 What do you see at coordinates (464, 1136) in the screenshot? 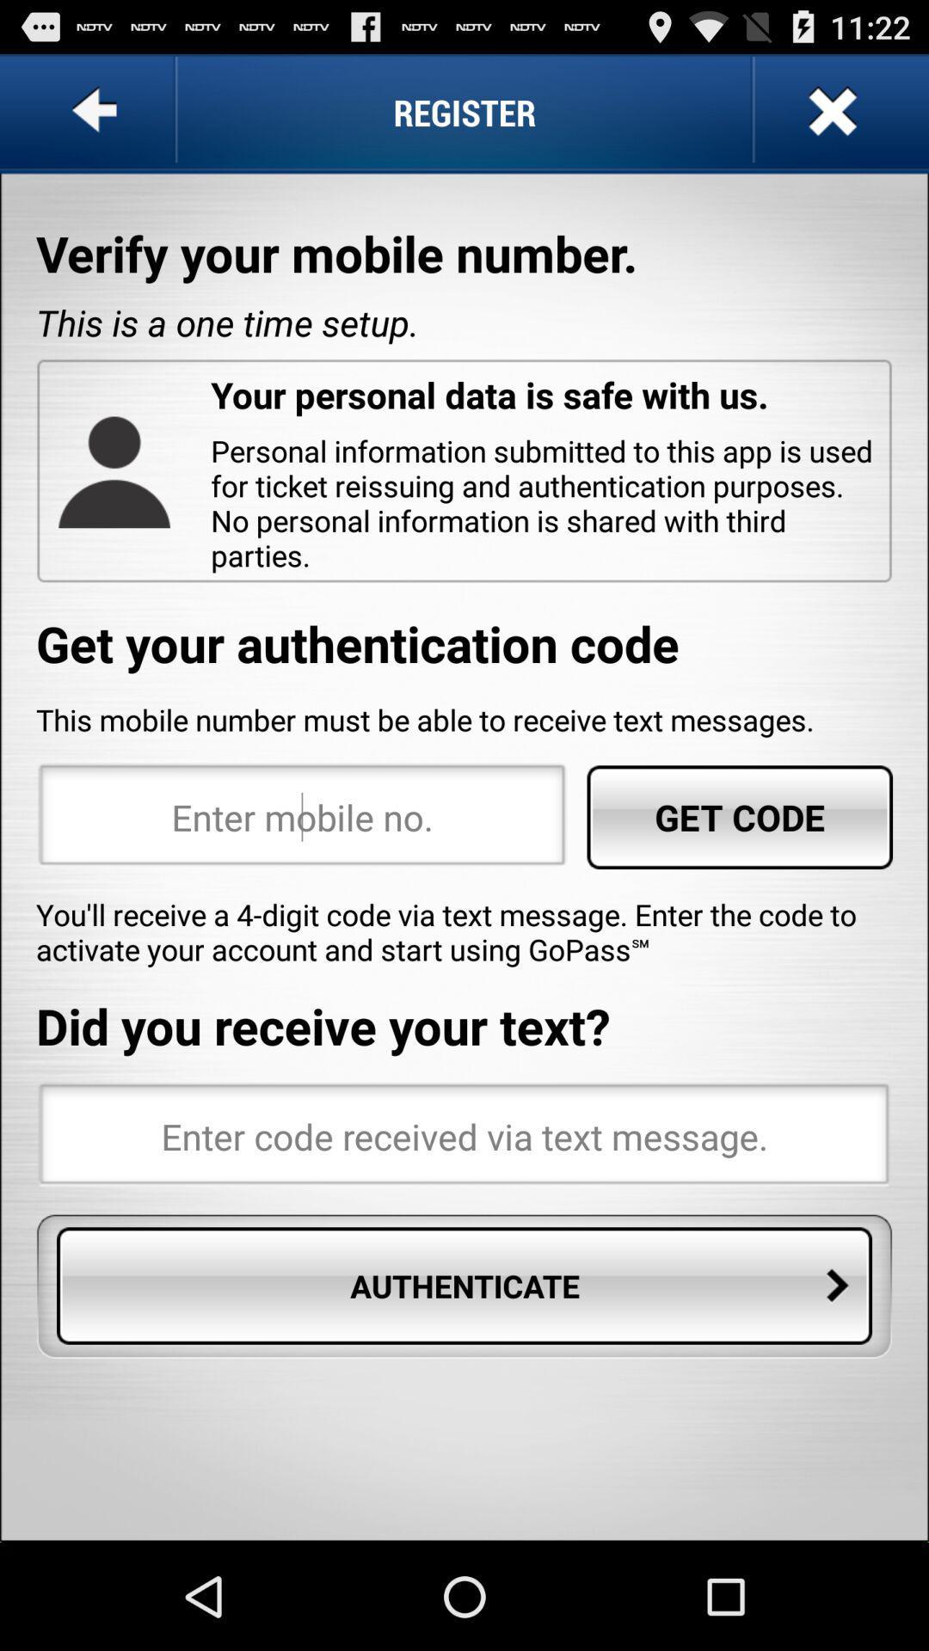
I see `code` at bounding box center [464, 1136].